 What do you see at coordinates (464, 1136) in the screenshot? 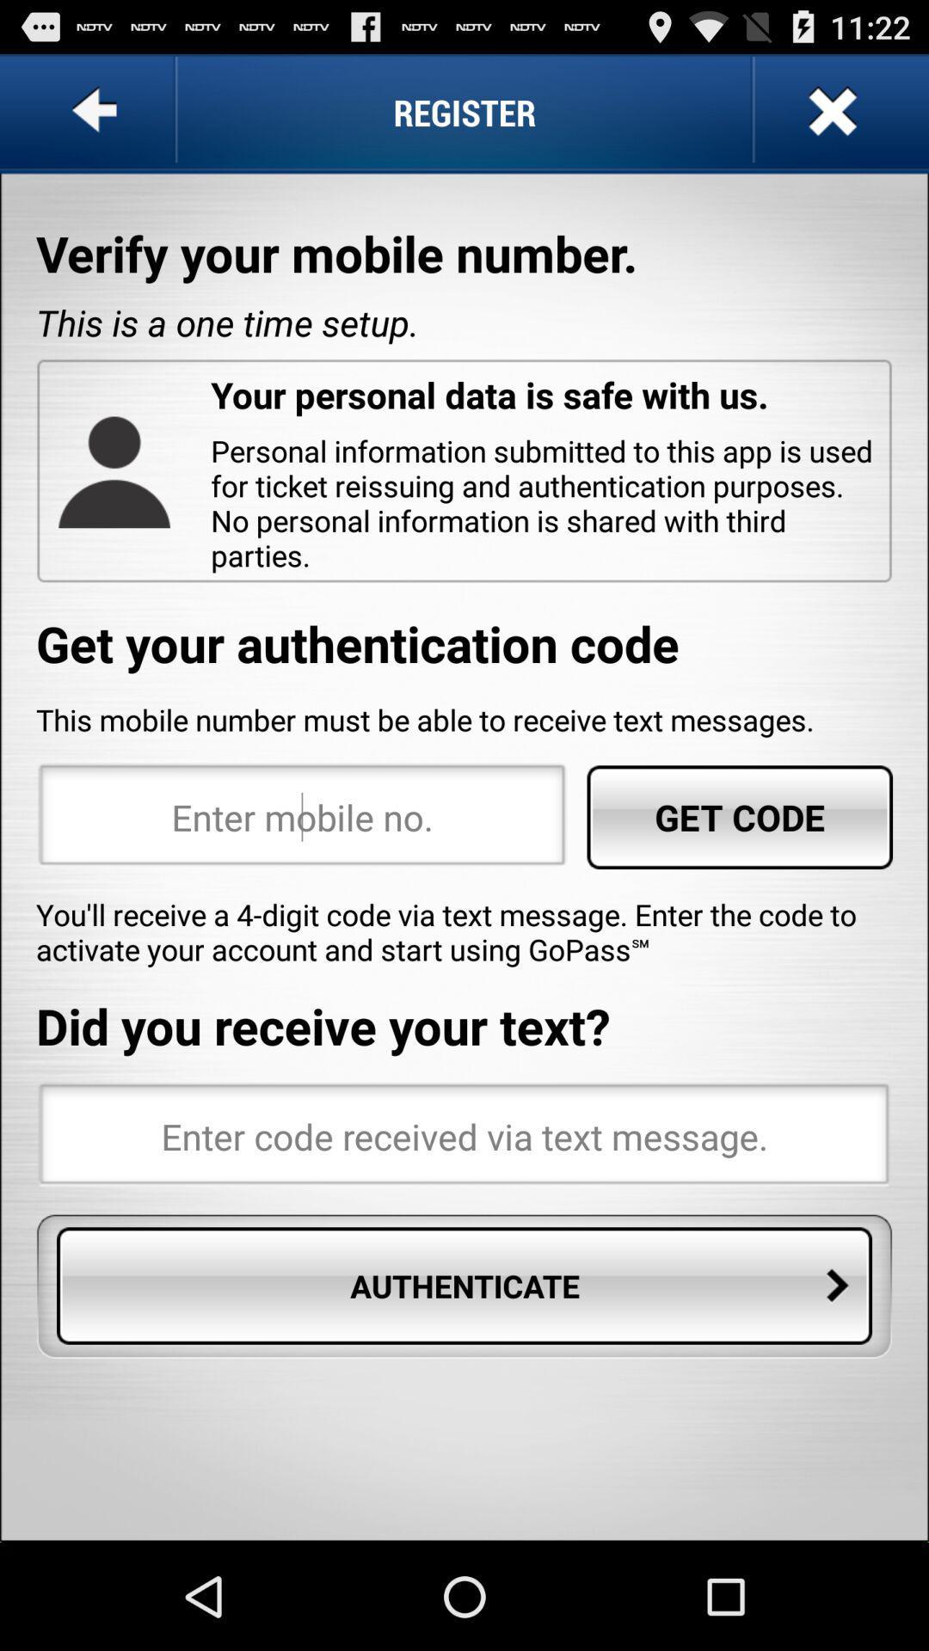
I see `code` at bounding box center [464, 1136].